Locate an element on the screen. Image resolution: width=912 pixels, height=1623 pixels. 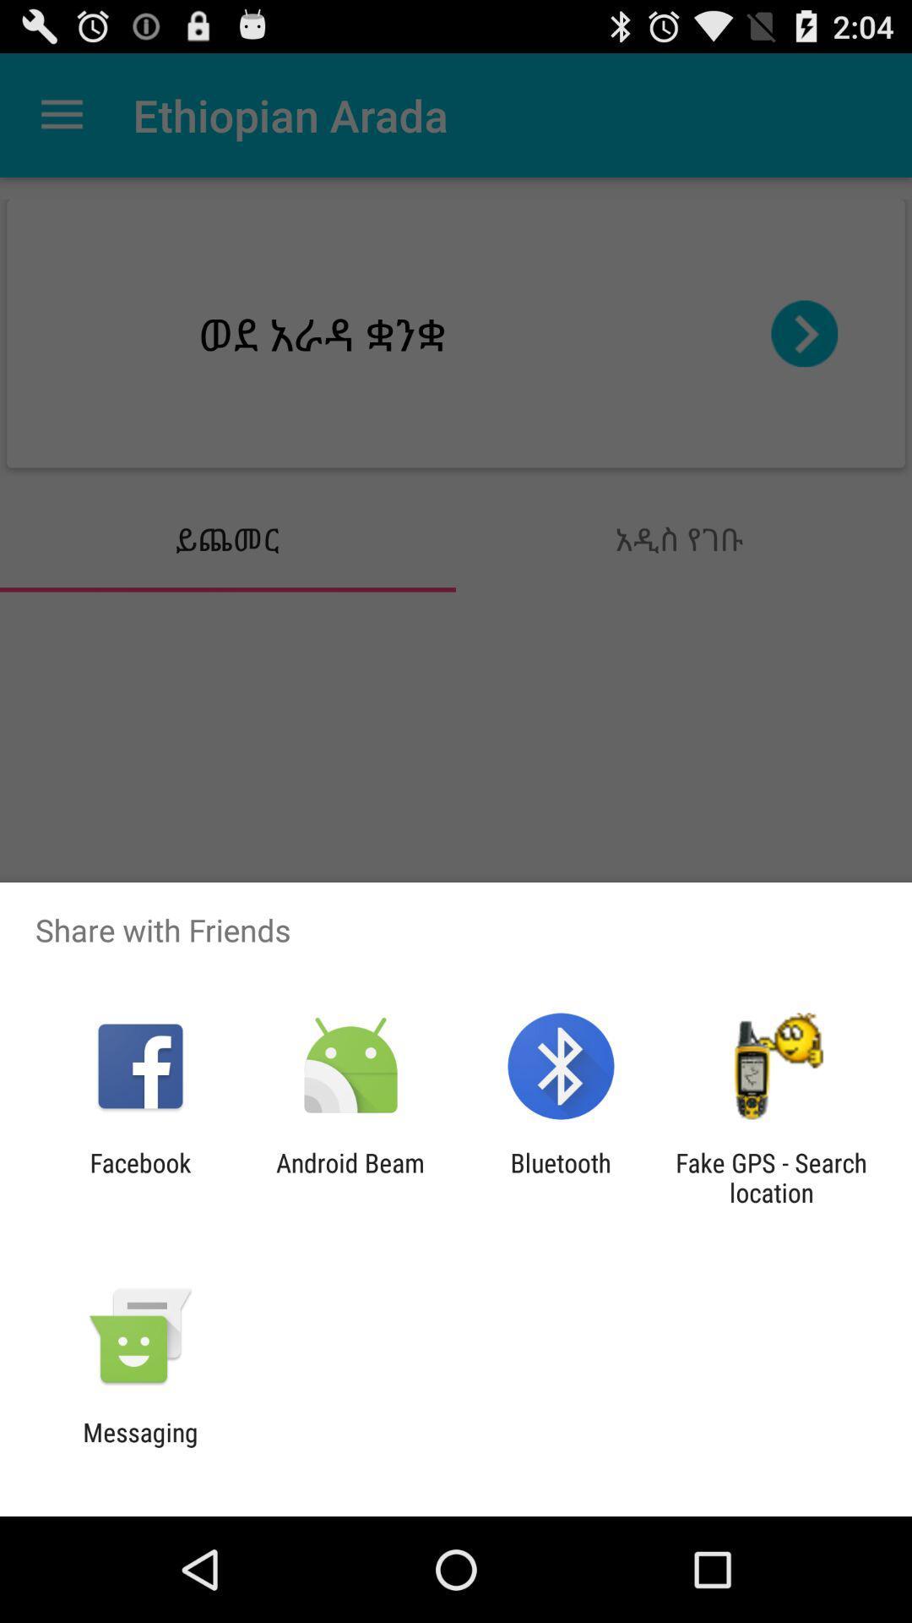
the icon next to the android beam app is located at coordinates (139, 1177).